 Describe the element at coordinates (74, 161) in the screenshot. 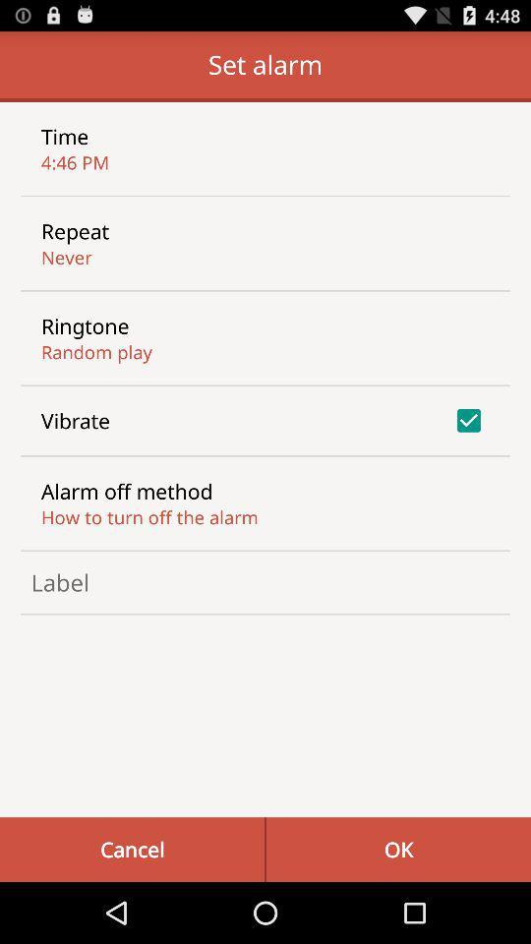

I see `the app below the time app` at that location.